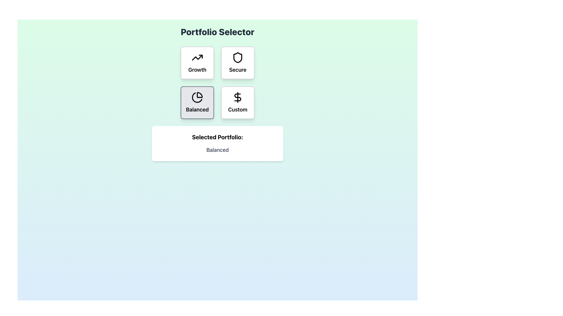 Image resolution: width=563 pixels, height=316 pixels. I want to click on the decorative icon within the 'Growth' option button of the 'Portfolio Selector' section, so click(197, 57).